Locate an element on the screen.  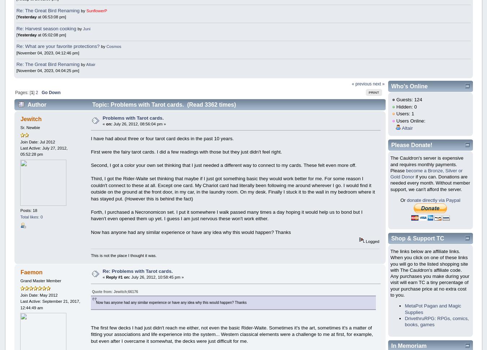
'Users Online:' is located at coordinates (409, 121).